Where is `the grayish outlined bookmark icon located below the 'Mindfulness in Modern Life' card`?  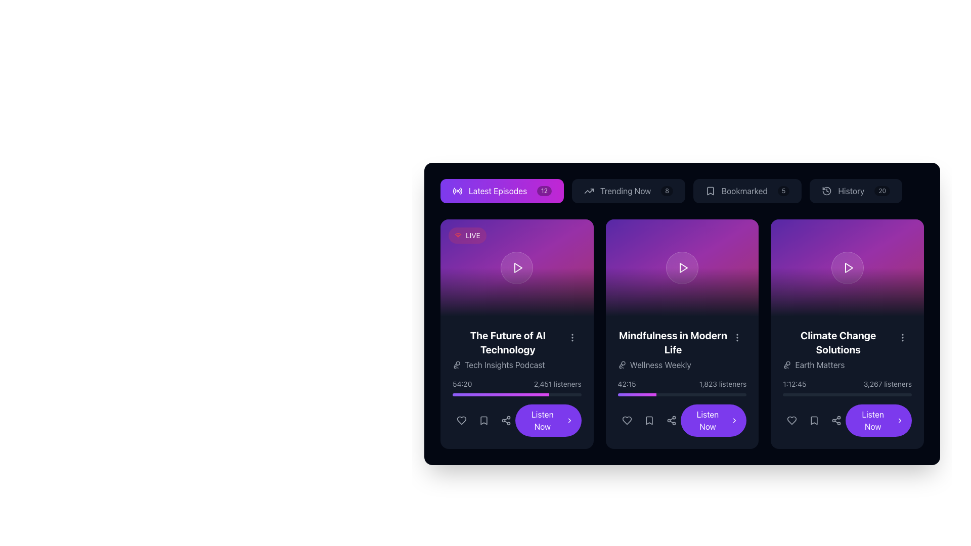 the grayish outlined bookmark icon located below the 'Mindfulness in Modern Life' card is located at coordinates (649, 421).